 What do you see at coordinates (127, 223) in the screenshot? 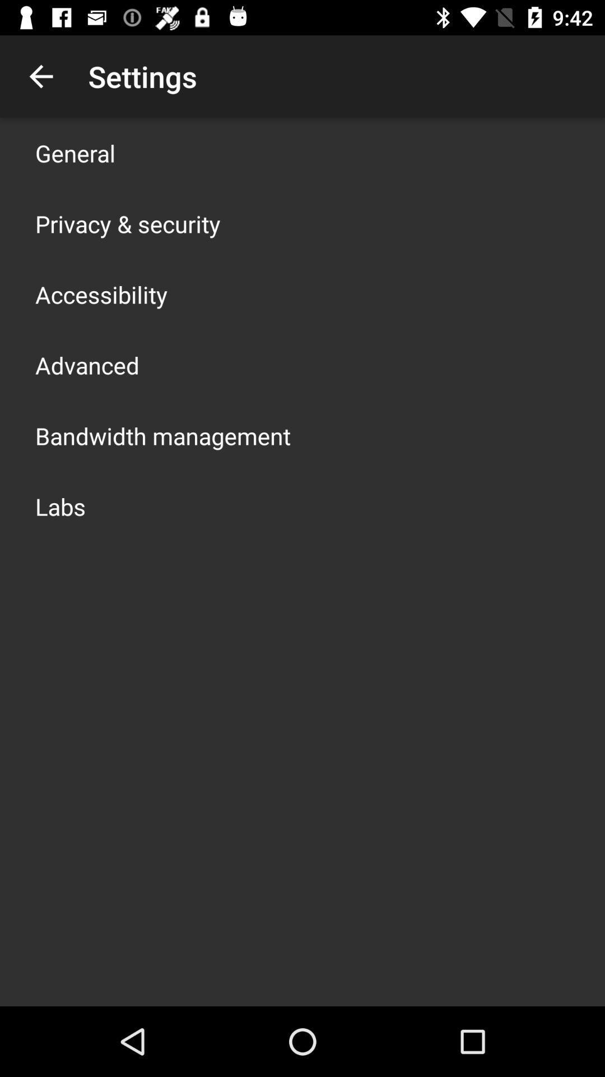
I see `the privacy & security item` at bounding box center [127, 223].